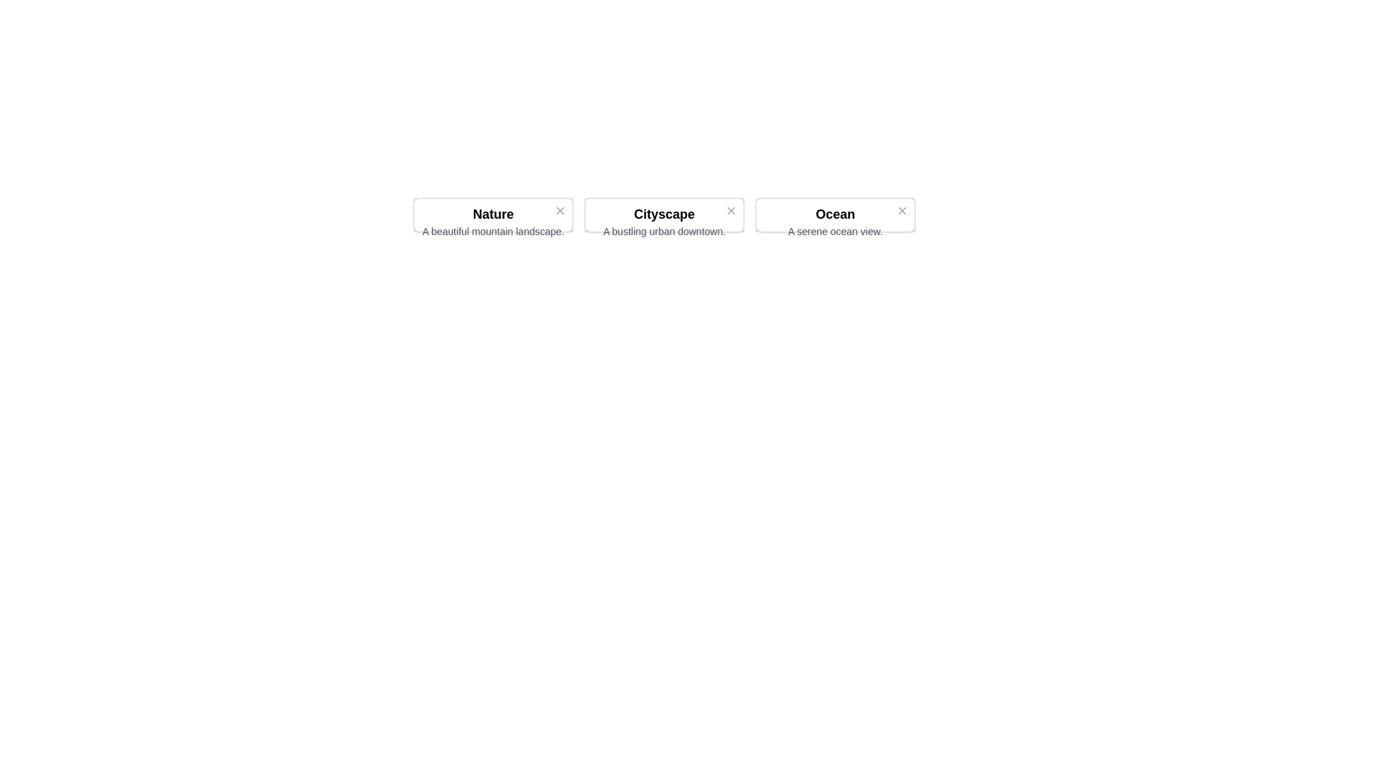 Image resolution: width=1374 pixels, height=772 pixels. Describe the element at coordinates (835, 214) in the screenshot. I see `the 'Ocean' card, which is the third card in a horizontal list of three, located to the far right, to interact with it` at that location.